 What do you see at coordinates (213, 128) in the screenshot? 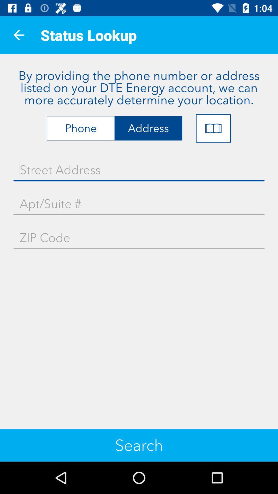
I see `the item to the right of the address` at bounding box center [213, 128].